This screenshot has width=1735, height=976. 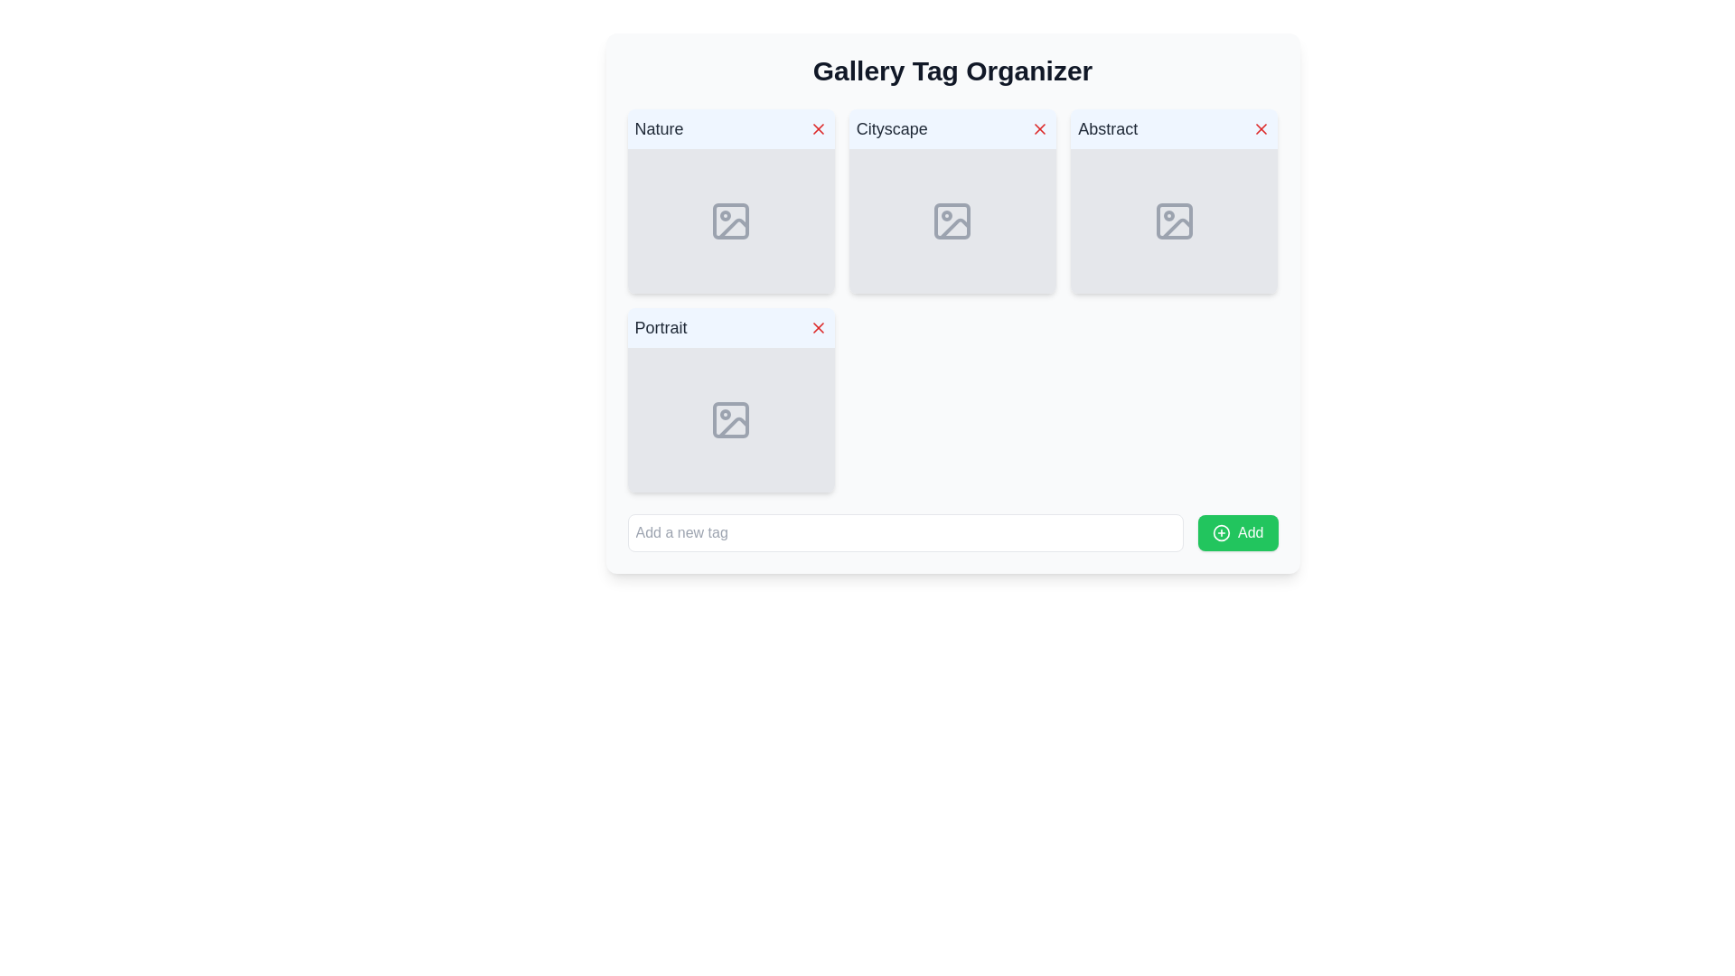 I want to click on the image placeholder located, so click(x=1174, y=221).